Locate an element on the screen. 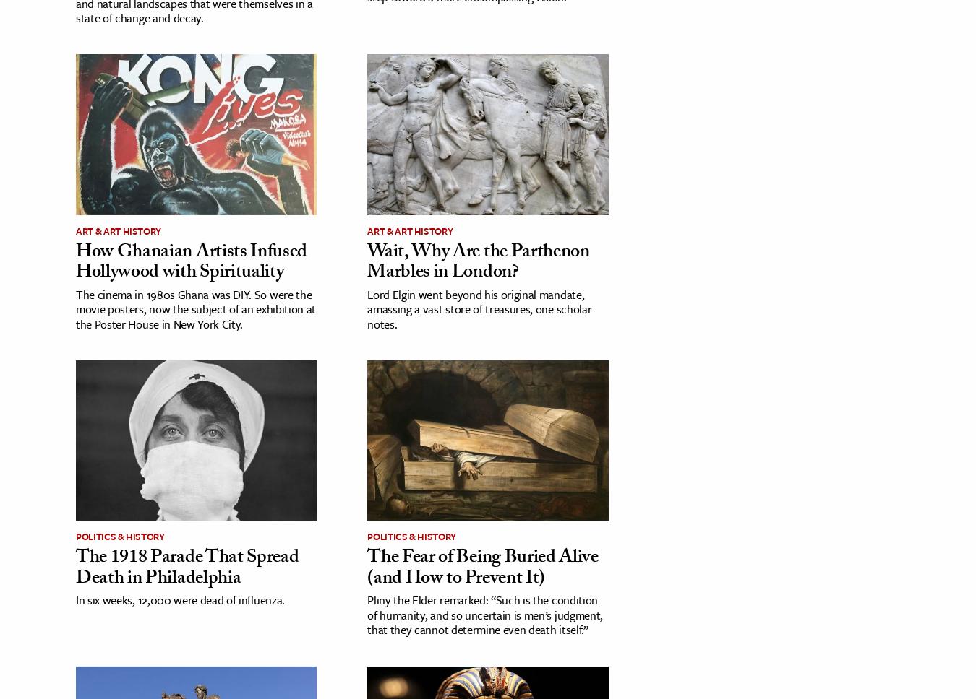 Image resolution: width=976 pixels, height=699 pixels. 'The 1918 Parade That Spread Death in Philadelphia' is located at coordinates (75, 568).